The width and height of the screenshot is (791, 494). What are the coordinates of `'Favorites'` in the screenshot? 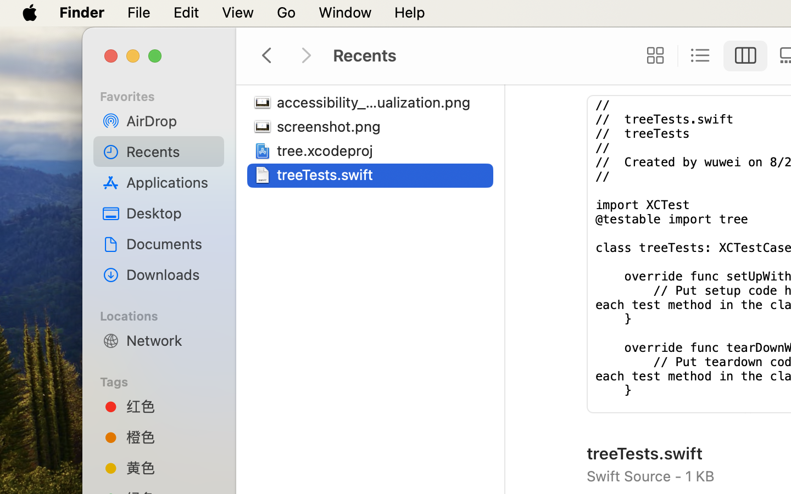 It's located at (164, 94).